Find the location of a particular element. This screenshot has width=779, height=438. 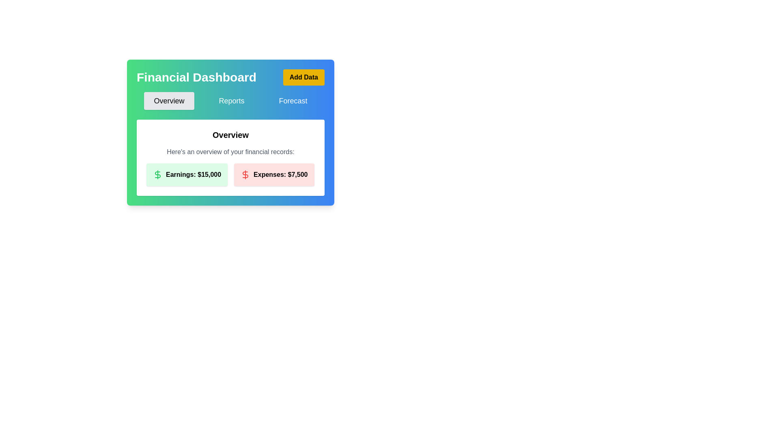

the earnings icon in the financial dashboard, which is located to the far left of the text 'Earnings: $15,000' within a green-highlighted box is located at coordinates (157, 174).